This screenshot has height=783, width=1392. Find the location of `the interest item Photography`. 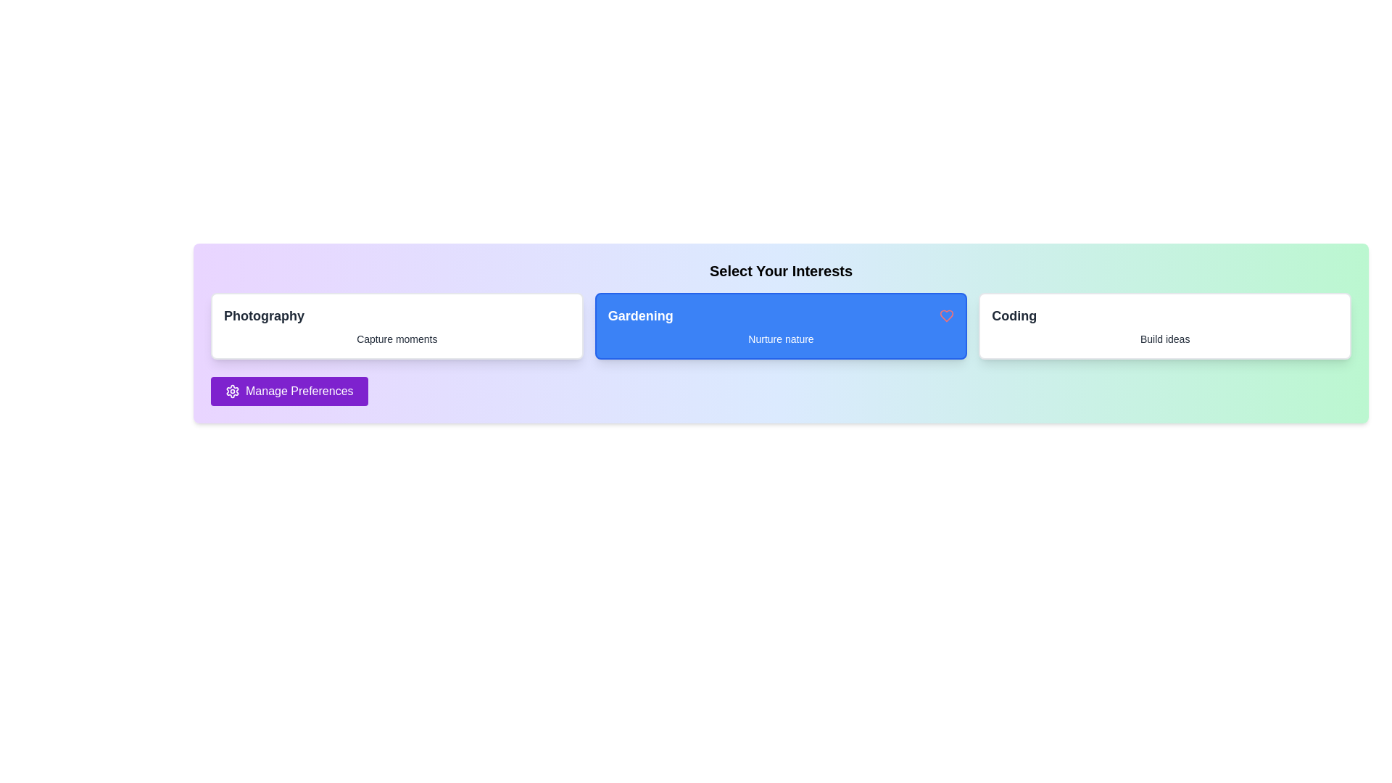

the interest item Photography is located at coordinates (397, 326).